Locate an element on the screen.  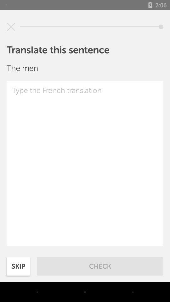
skip at the bottom left corner is located at coordinates (18, 266).